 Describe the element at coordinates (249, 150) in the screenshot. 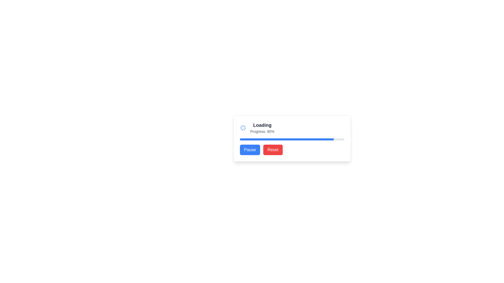

I see `the 'Pause' button, which is a rectangular button with rounded corners, a blue background, and white text, located on the left side of the interface` at that location.